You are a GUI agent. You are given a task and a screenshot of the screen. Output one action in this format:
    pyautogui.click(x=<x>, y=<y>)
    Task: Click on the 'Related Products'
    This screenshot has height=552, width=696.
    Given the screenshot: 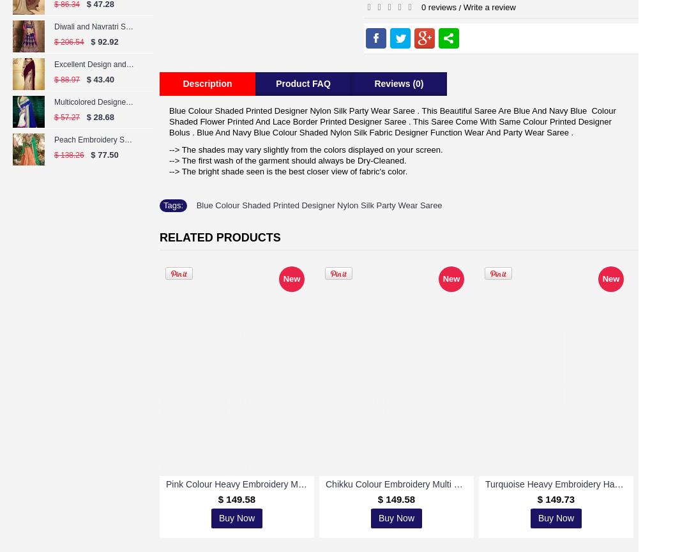 What is the action you would take?
    pyautogui.click(x=219, y=237)
    